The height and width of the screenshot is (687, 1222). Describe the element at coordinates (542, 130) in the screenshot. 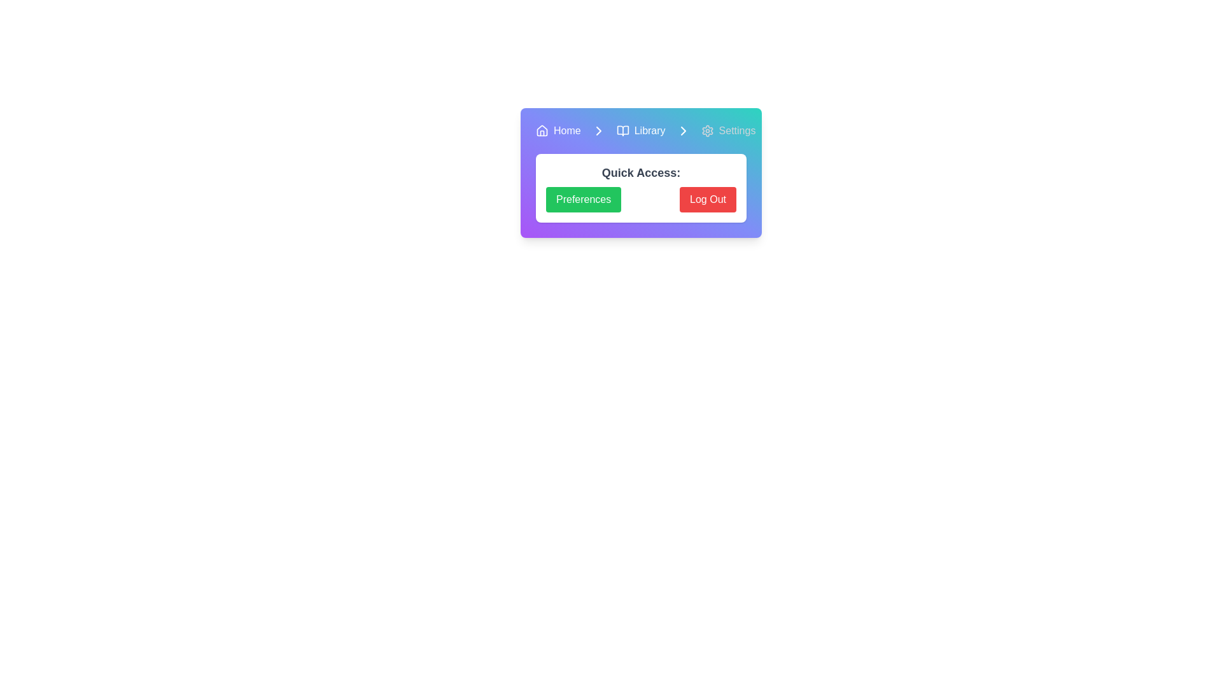

I see `the small house icon on the light blue background, which is the first element in the navigation group containing the text 'Home'` at that location.